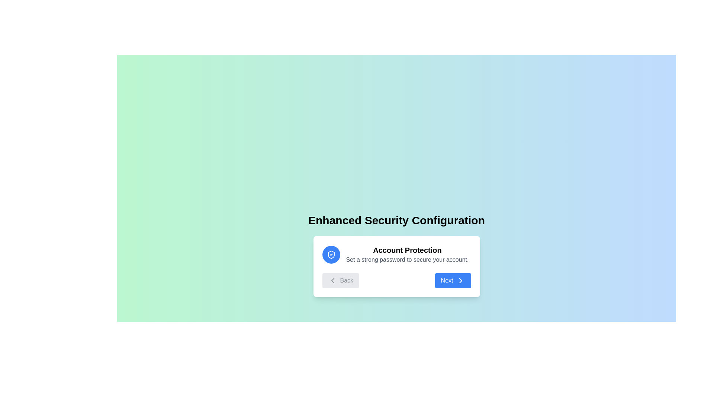  Describe the element at coordinates (453, 281) in the screenshot. I see `'Next' button to proceed to the next step` at that location.